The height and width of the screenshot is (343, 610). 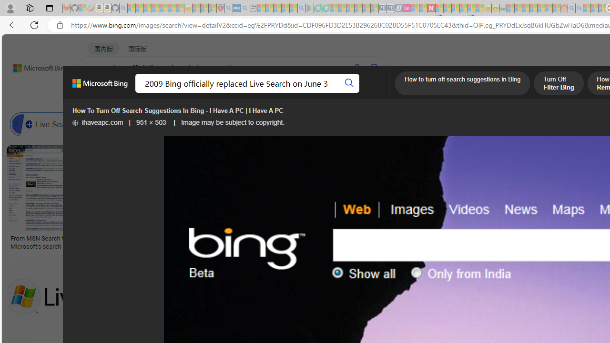 What do you see at coordinates (377, 93) in the screenshot?
I see `'Dropdown Menu'` at bounding box center [377, 93].